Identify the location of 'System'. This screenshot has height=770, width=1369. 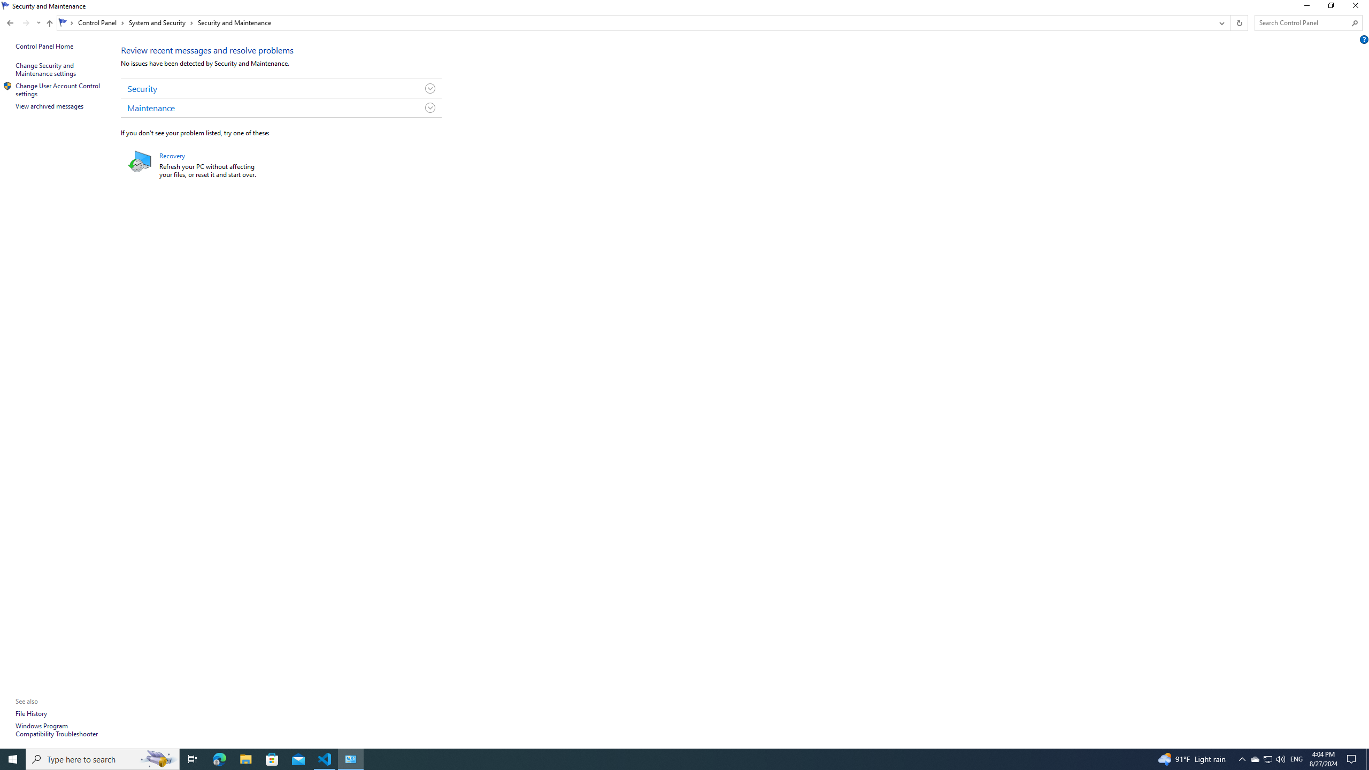
(6, 5).